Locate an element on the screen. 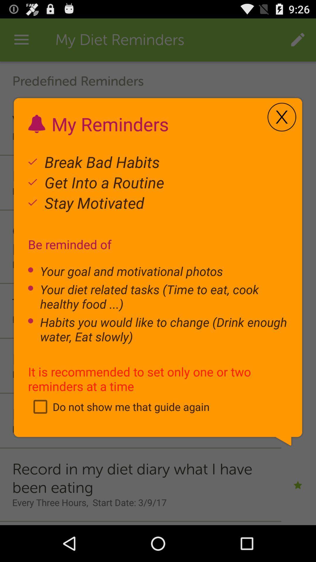 This screenshot has height=562, width=316. icon next to my reminders icon is located at coordinates (281, 117).